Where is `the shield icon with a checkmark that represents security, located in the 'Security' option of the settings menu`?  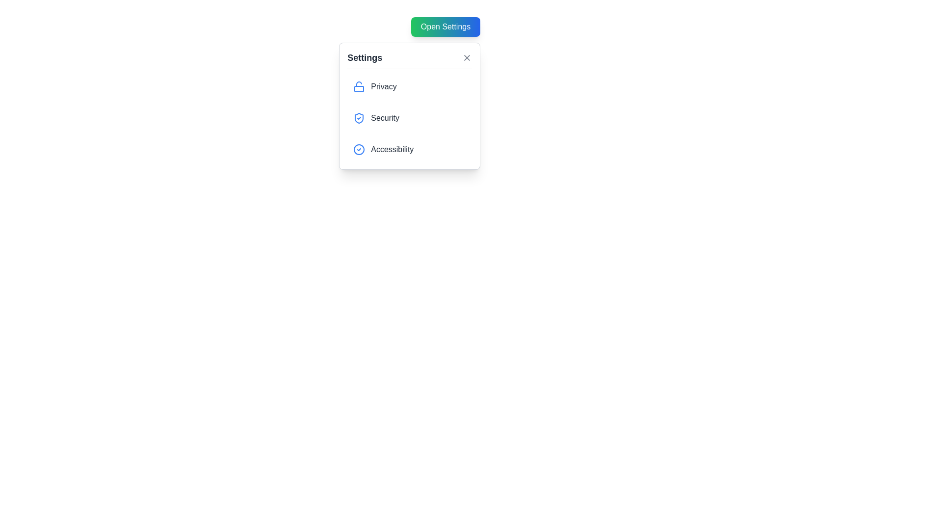
the shield icon with a checkmark that represents security, located in the 'Security' option of the settings menu is located at coordinates (359, 117).